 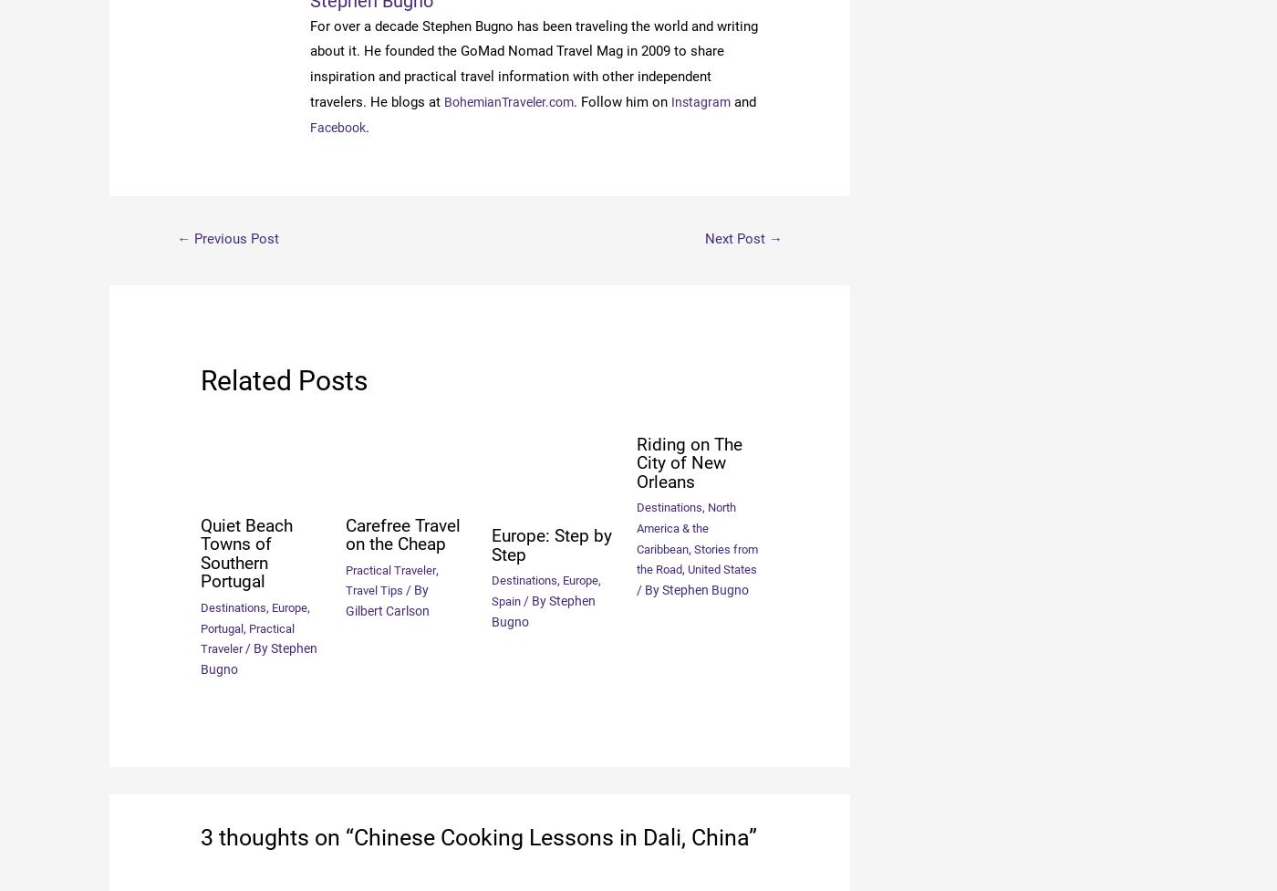 I want to click on 'BohemianTraveler.com', so click(x=514, y=101).